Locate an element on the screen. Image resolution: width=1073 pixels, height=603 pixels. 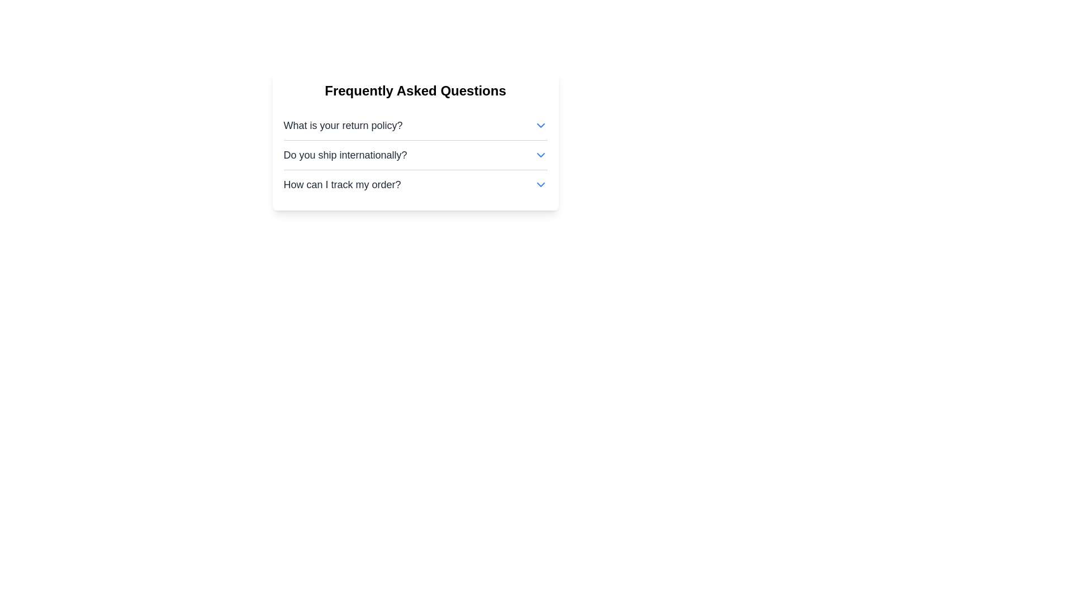
the chevron icon located to the right of the 'Do you ship internationally?' FAQ entry is located at coordinates (540, 155).